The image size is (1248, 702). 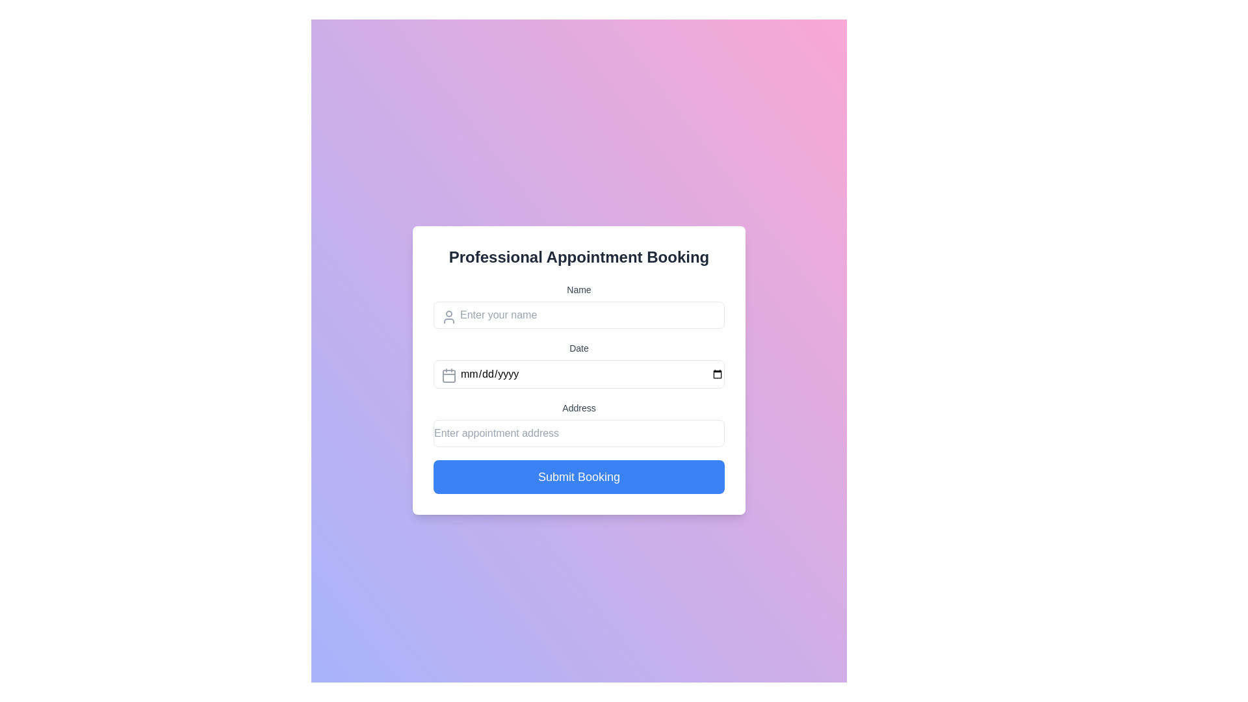 I want to click on the calendar icon located to the left of the 'Date' input box in the 'Professional Appointment Booking' form, so click(x=449, y=376).